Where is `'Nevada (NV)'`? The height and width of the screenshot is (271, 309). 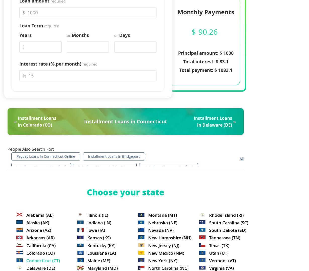 'Nevada (NV)' is located at coordinates (161, 230).